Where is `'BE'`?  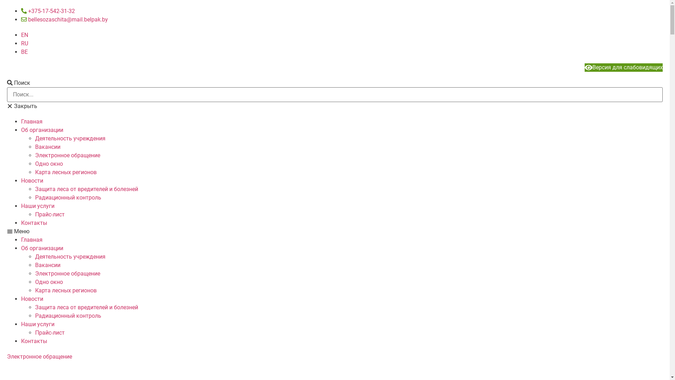
'BE' is located at coordinates (24, 51).